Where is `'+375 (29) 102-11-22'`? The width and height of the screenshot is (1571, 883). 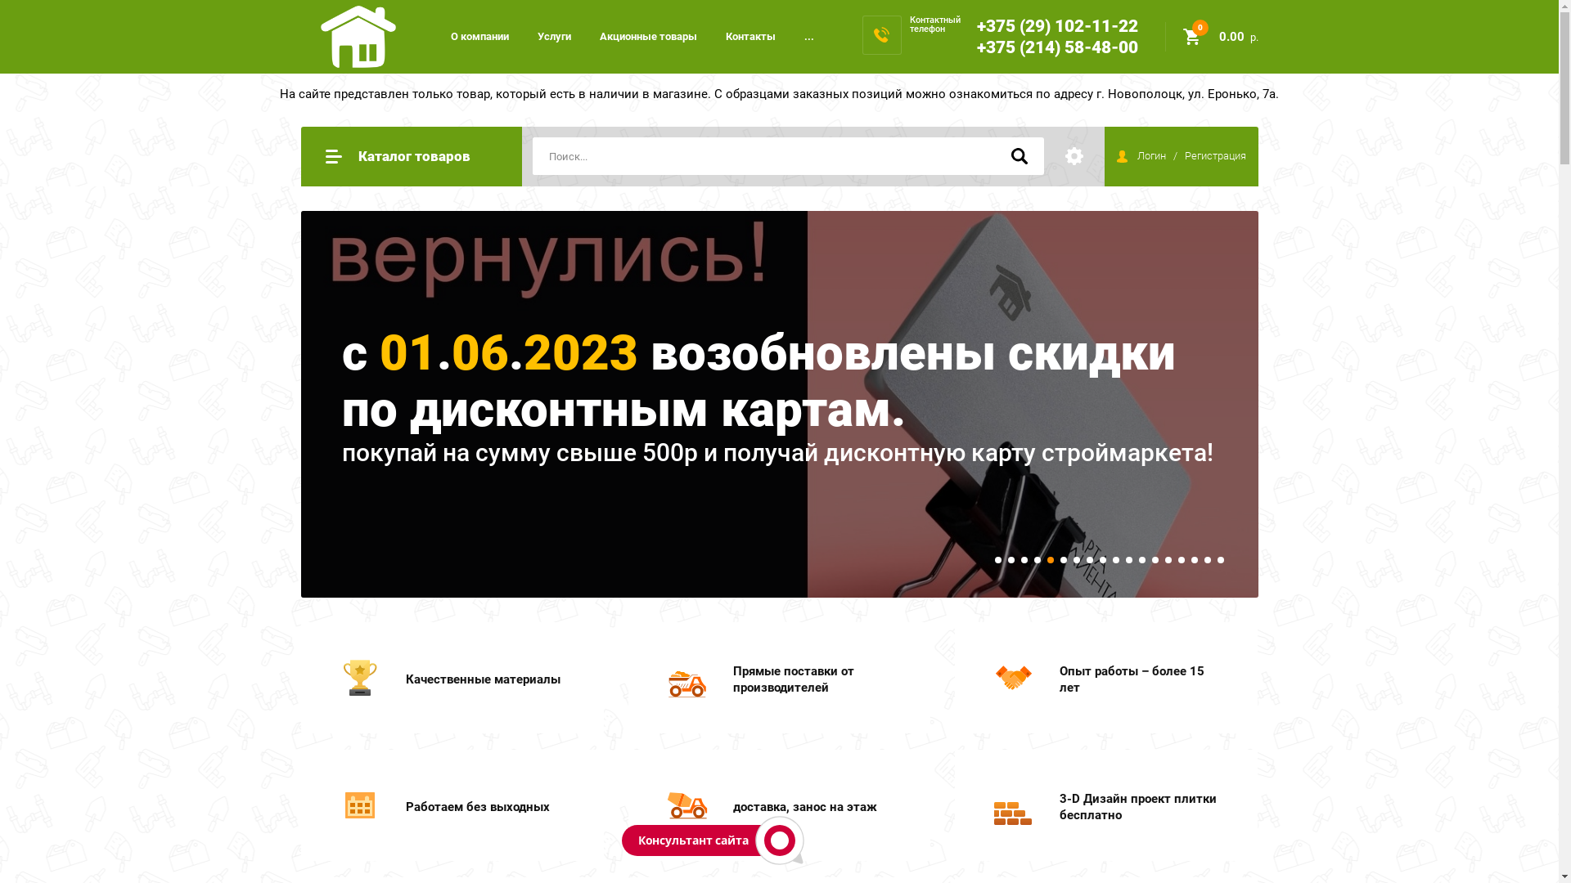
'+375 (29) 102-11-22' is located at coordinates (977, 25).